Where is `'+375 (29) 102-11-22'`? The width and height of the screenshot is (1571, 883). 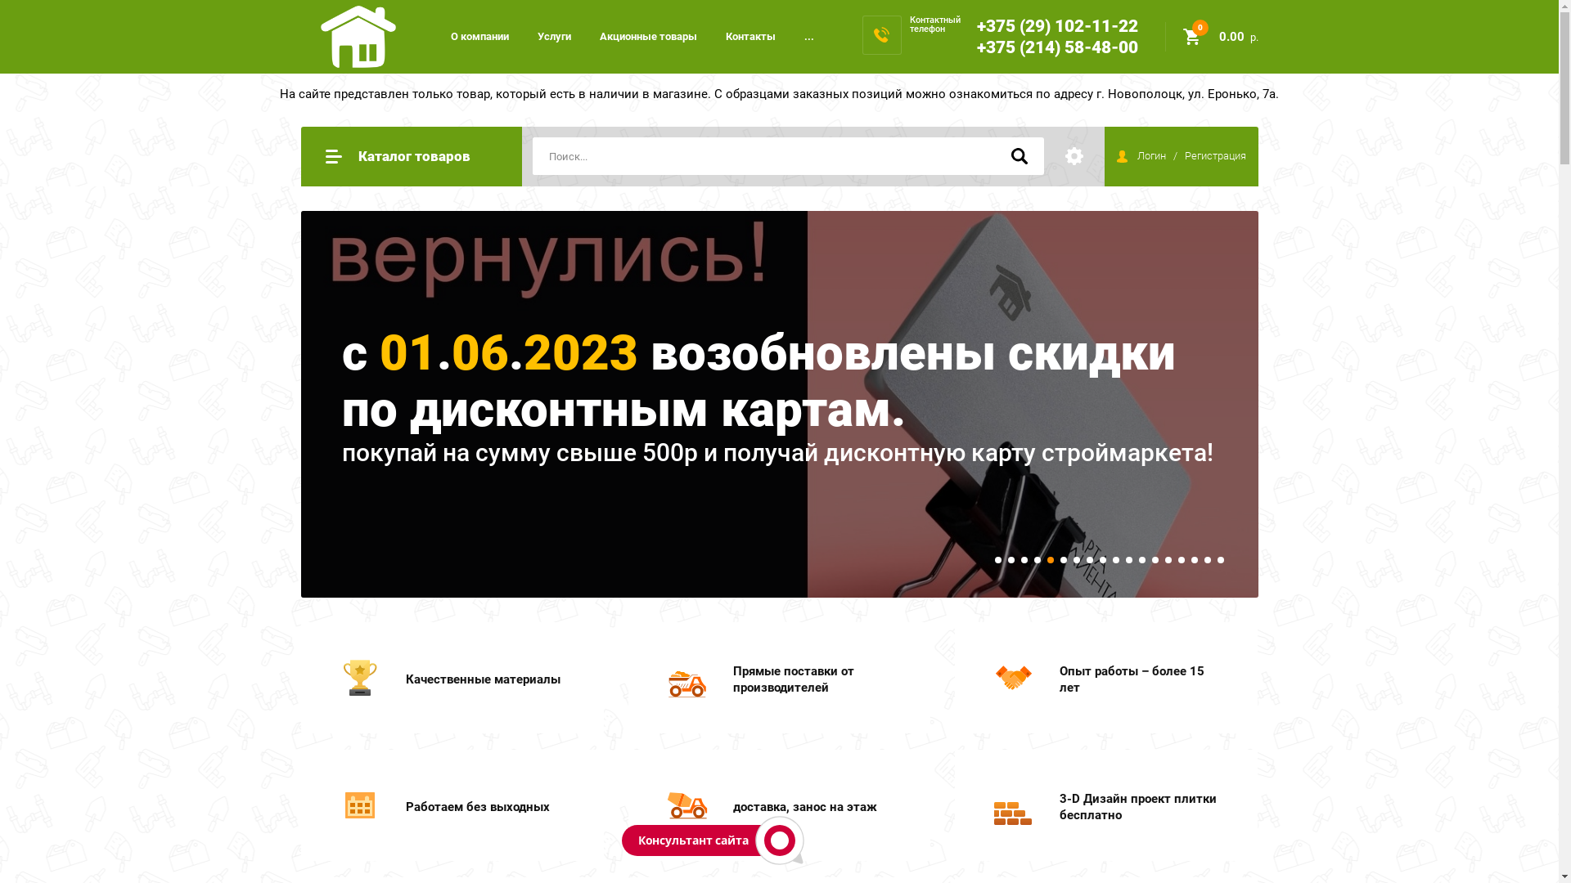
'+375 (29) 102-11-22' is located at coordinates (977, 25).